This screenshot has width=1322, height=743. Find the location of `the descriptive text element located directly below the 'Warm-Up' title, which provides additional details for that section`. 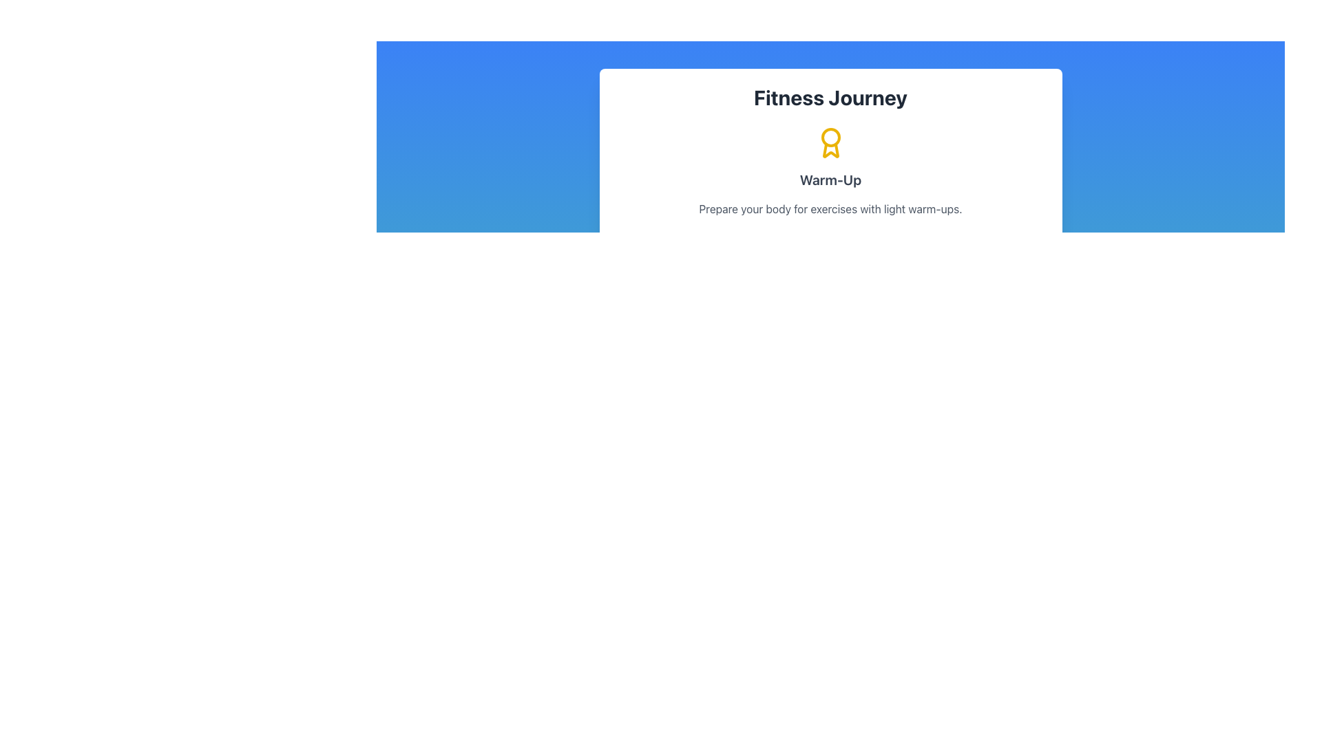

the descriptive text element located directly below the 'Warm-Up' title, which provides additional details for that section is located at coordinates (830, 209).